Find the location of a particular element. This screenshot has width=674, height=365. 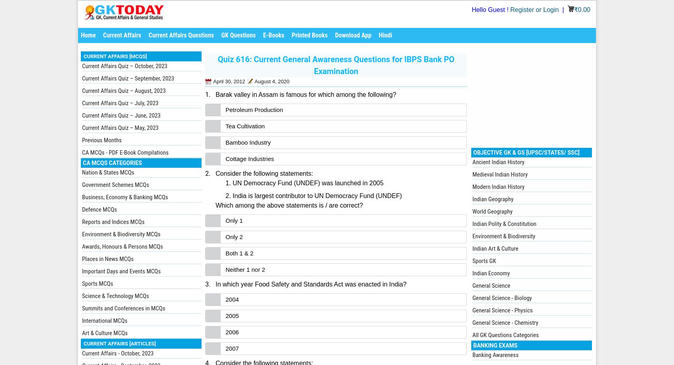

'World Geography' is located at coordinates (492, 211).